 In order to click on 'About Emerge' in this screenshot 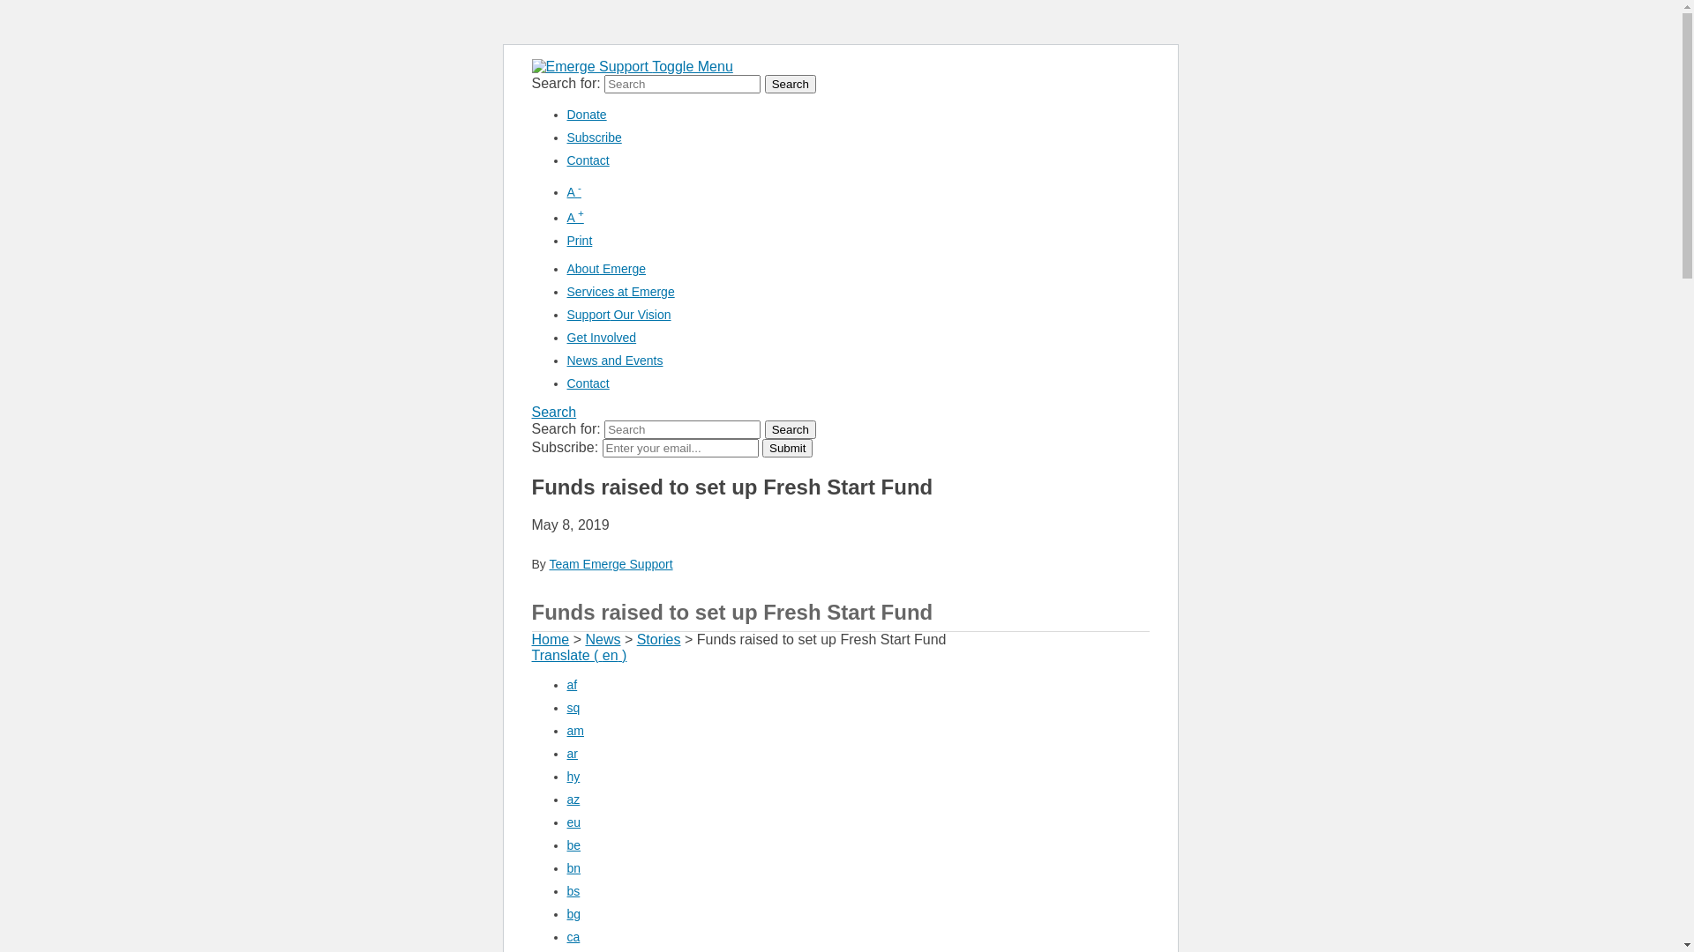, I will do `click(605, 268)`.